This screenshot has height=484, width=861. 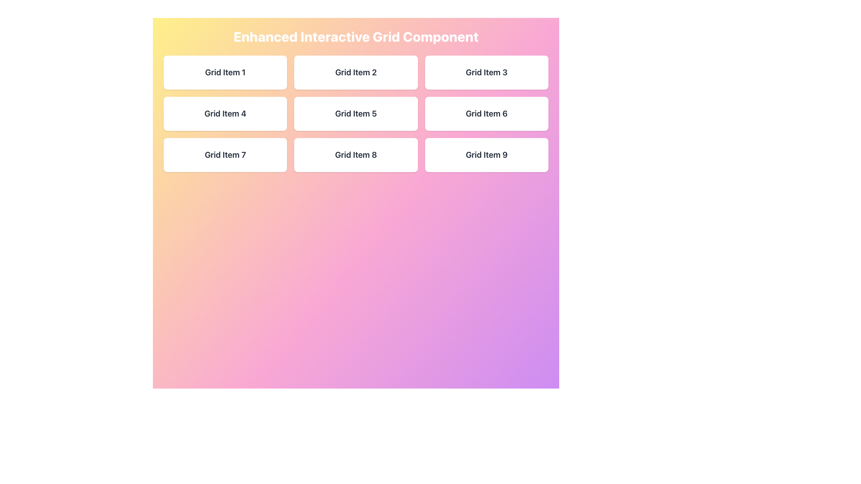 What do you see at coordinates (355, 72) in the screenshot?
I see `the button labeled 'Grid Item 2'` at bounding box center [355, 72].